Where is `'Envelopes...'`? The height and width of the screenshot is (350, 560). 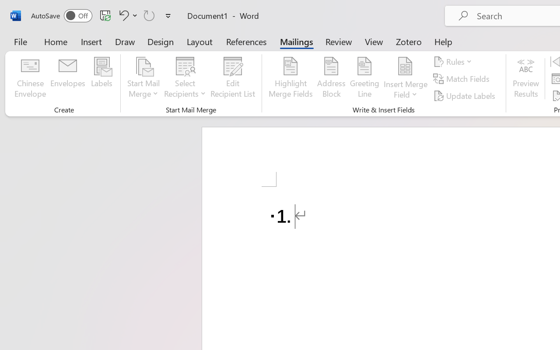 'Envelopes...' is located at coordinates (67, 78).